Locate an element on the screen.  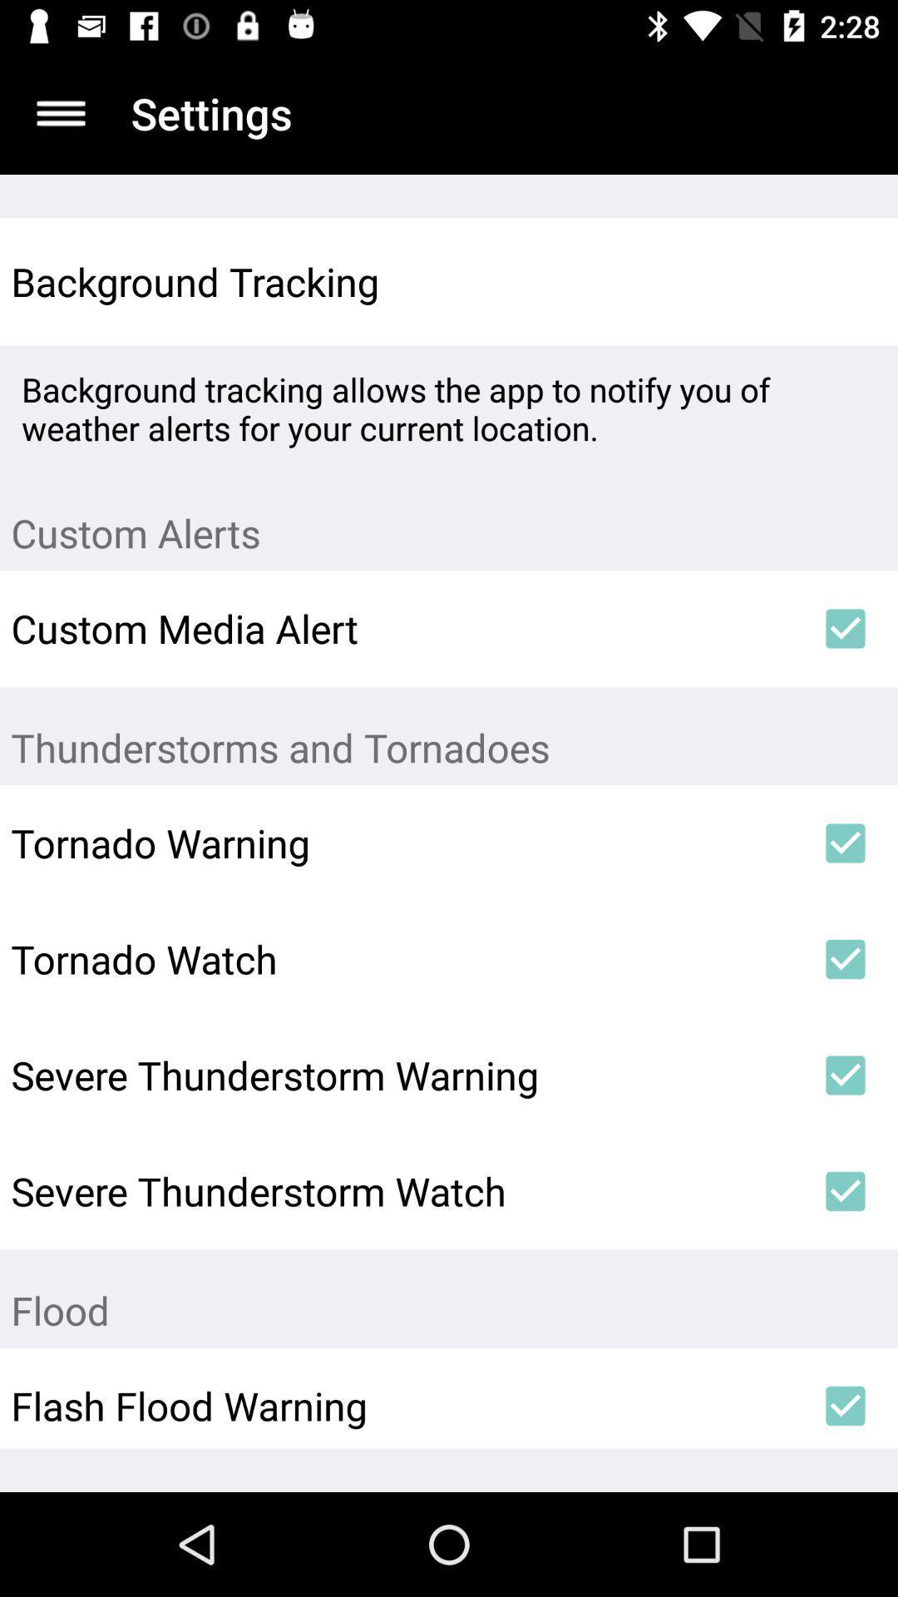
the item to the right of background tracking is located at coordinates (846, 282).